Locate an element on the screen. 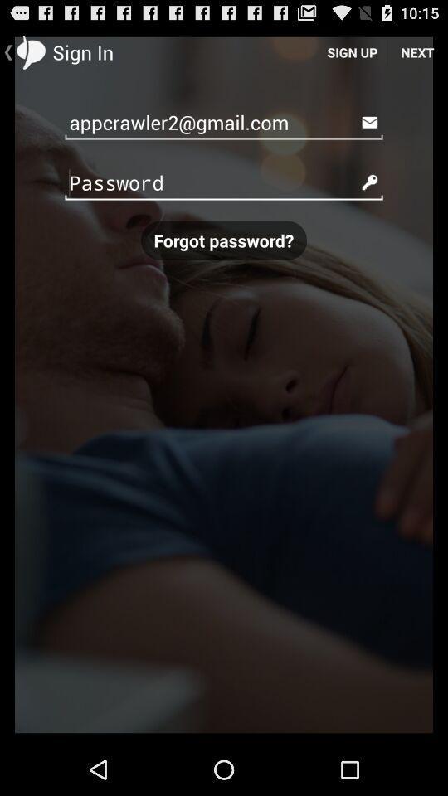 The image size is (448, 796). sign up is located at coordinates (351, 51).